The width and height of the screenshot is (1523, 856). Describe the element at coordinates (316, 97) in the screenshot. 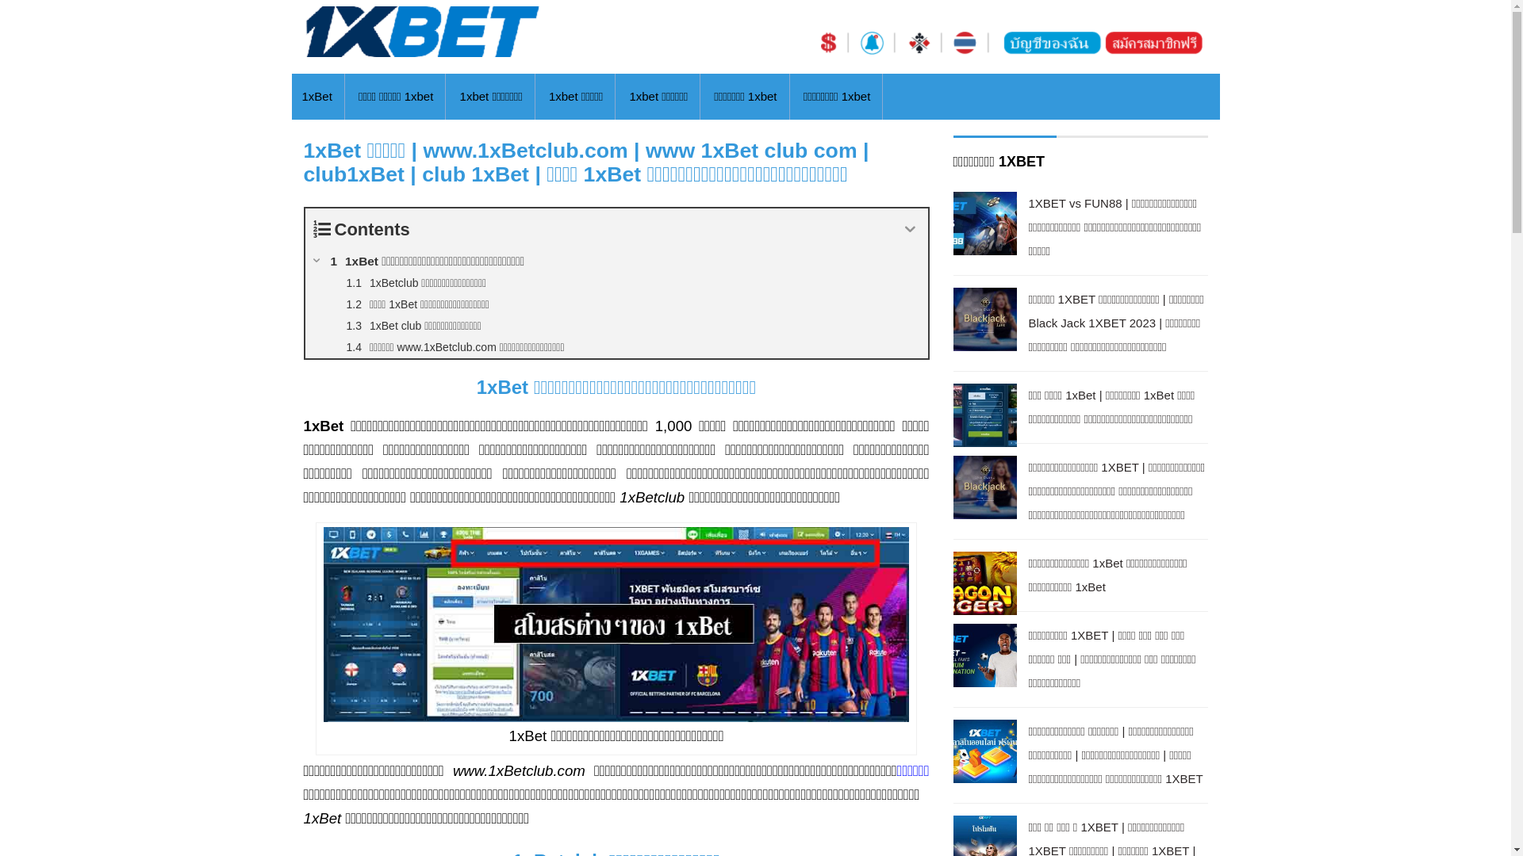

I see `'1xBet'` at that location.